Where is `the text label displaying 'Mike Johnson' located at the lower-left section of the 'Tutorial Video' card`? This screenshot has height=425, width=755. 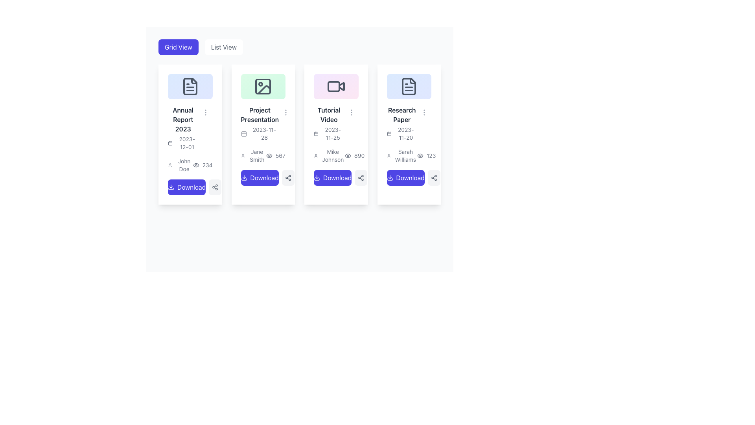
the text label displaying 'Mike Johnson' located at the lower-left section of the 'Tutorial Video' card is located at coordinates (333, 155).